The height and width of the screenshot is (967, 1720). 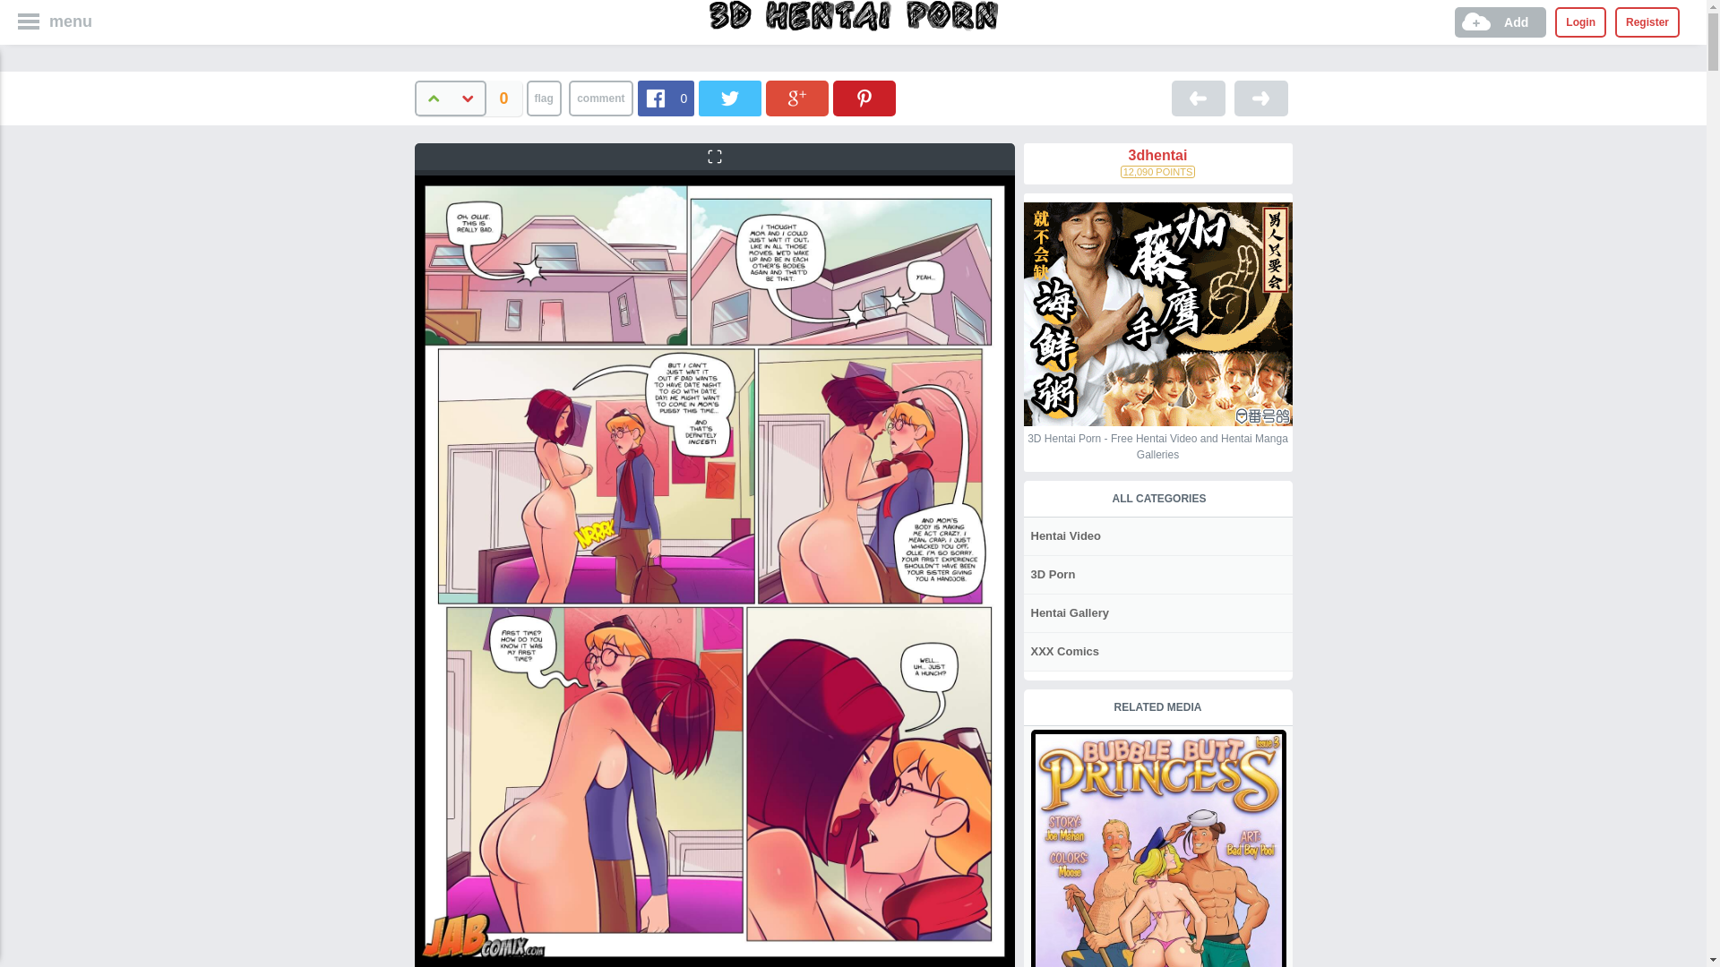 I want to click on 'Share on Google Plus', so click(x=795, y=98).